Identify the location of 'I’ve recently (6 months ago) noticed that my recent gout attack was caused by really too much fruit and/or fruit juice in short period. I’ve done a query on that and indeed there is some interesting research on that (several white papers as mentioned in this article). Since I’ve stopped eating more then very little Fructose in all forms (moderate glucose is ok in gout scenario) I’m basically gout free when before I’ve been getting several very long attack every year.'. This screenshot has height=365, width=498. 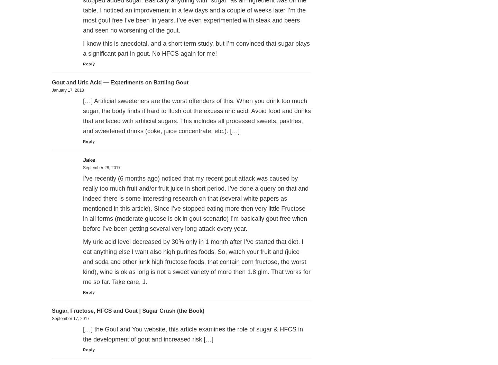
(83, 203).